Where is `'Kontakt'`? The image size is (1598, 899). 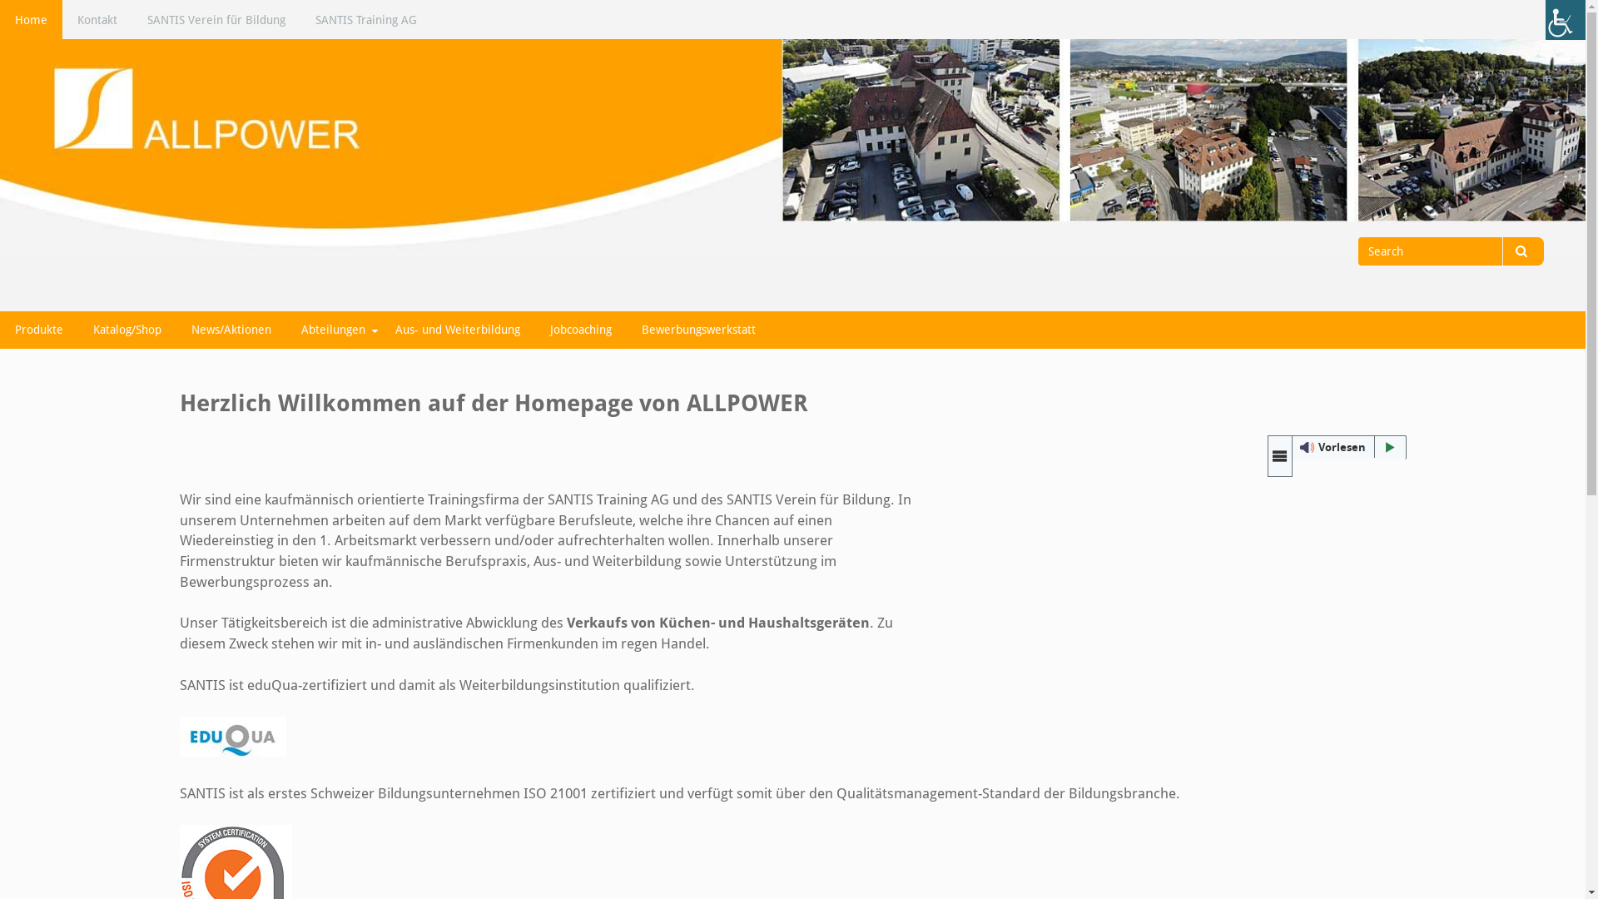
'Kontakt' is located at coordinates (96, 19).